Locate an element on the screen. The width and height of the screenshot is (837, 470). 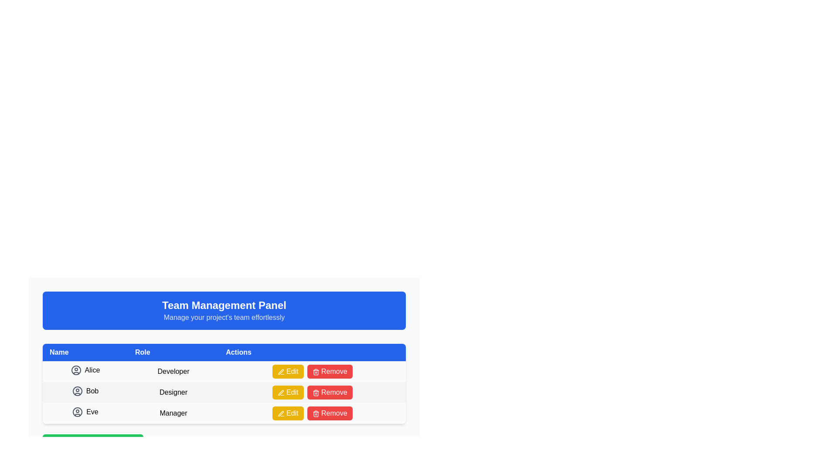
the 'Edit' and 'Remove' buttons in the 'Actions' column of the 'Team Management Panel' table, specifically for 'Eve' is located at coordinates (312, 413).